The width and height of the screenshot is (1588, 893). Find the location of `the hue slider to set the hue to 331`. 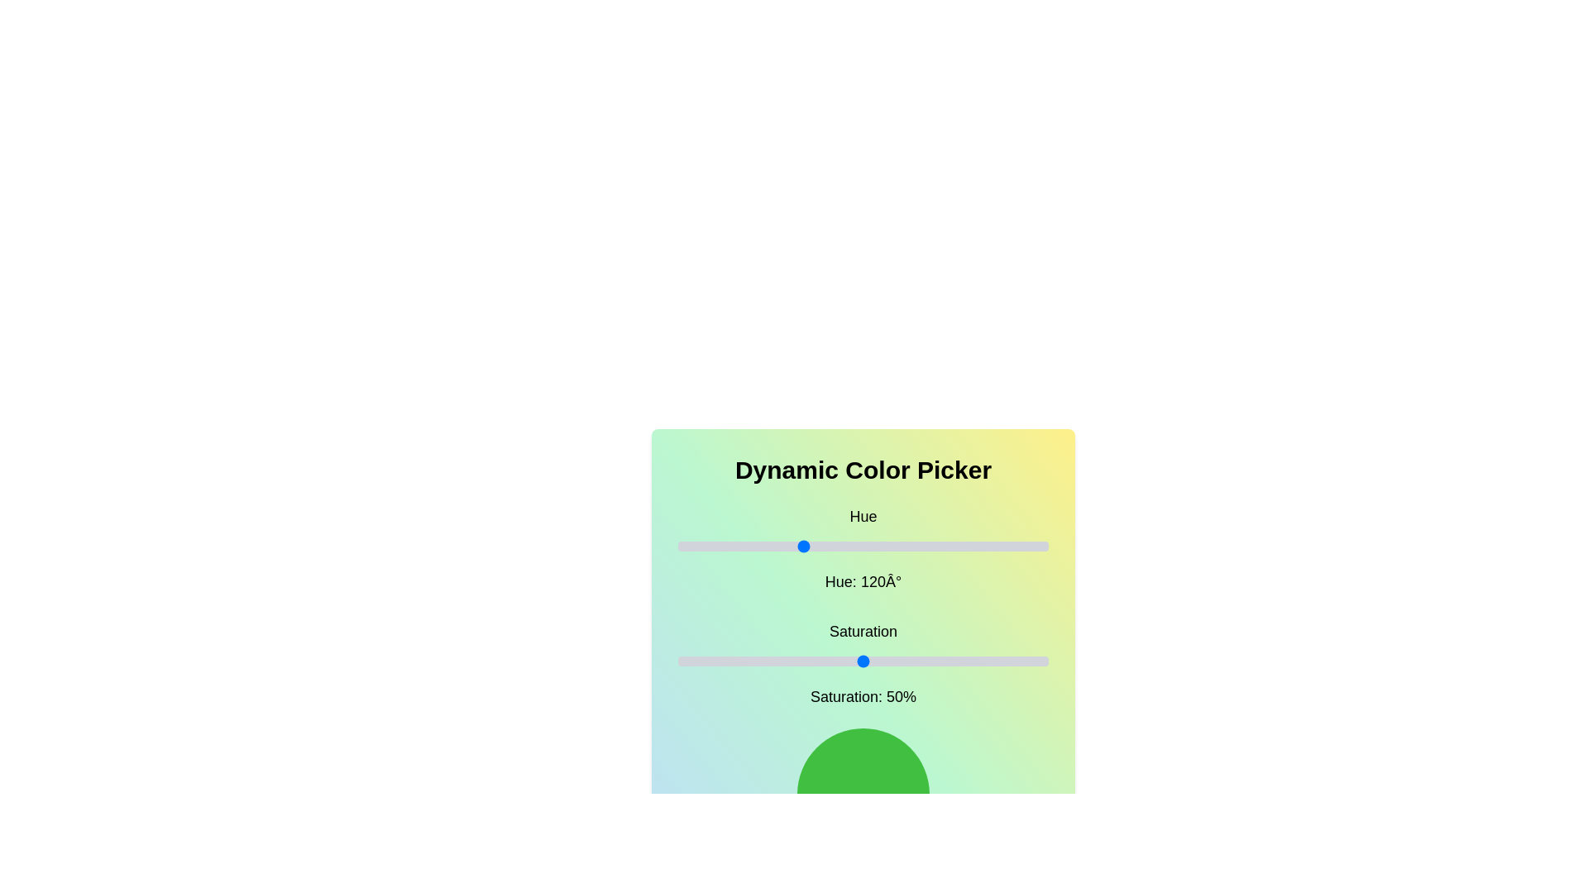

the hue slider to set the hue to 331 is located at coordinates (1017, 546).